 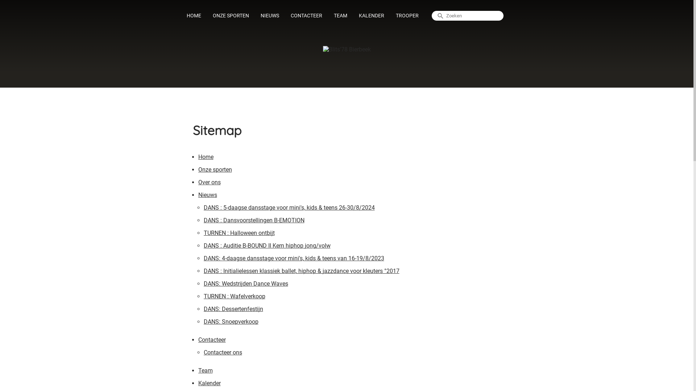 I want to click on 'Over ons', so click(x=198, y=183).